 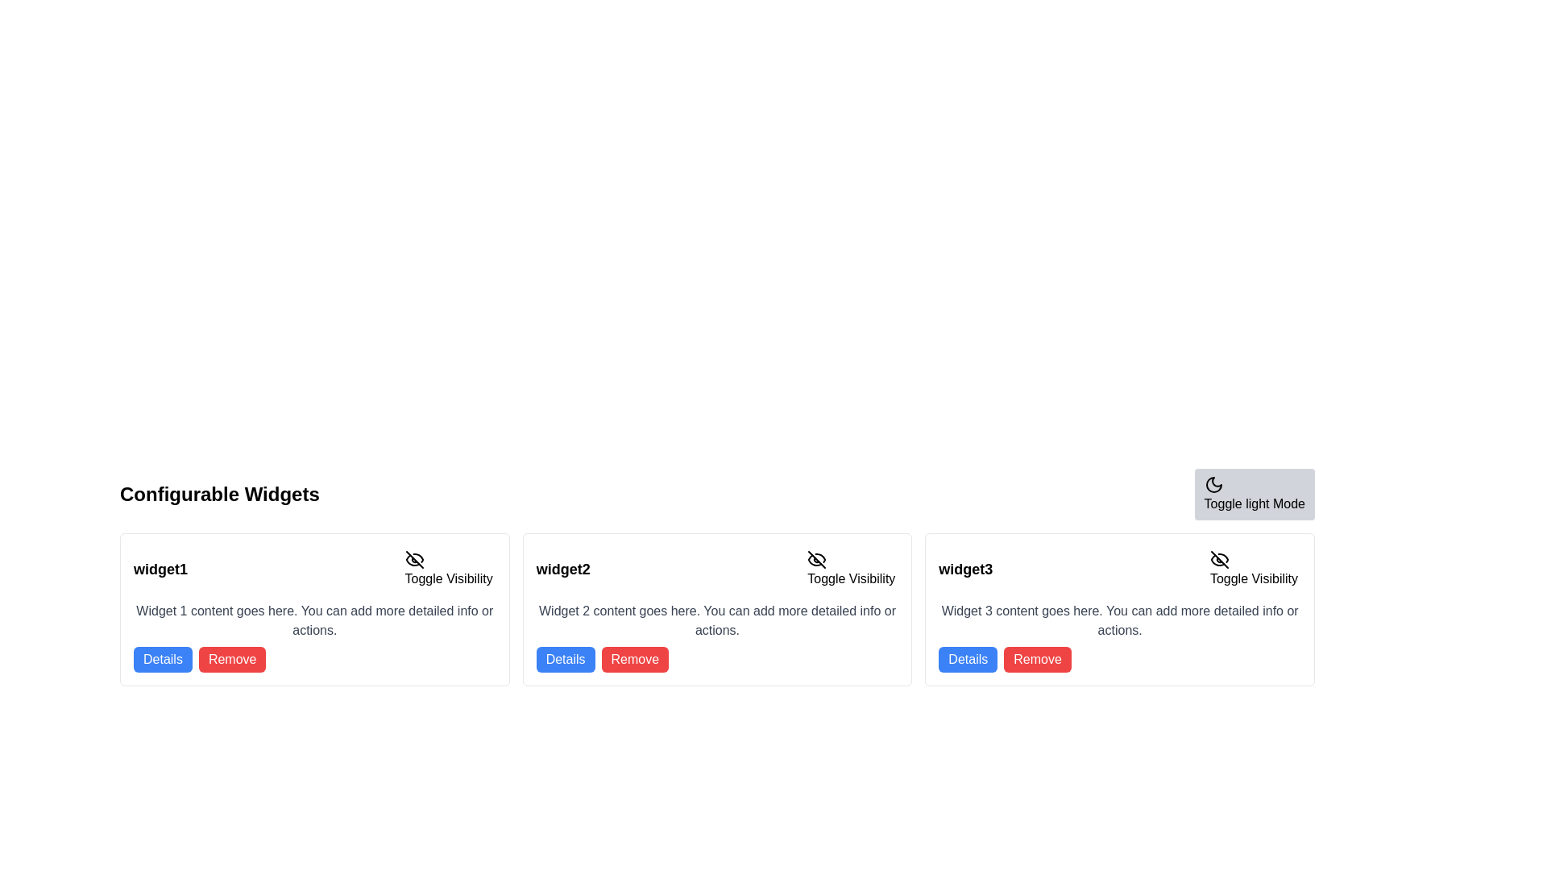 What do you see at coordinates (1213, 483) in the screenshot?
I see `the moon-shaped icon located next to the 'Toggle light Mode' text in the top-right area of the interface` at bounding box center [1213, 483].